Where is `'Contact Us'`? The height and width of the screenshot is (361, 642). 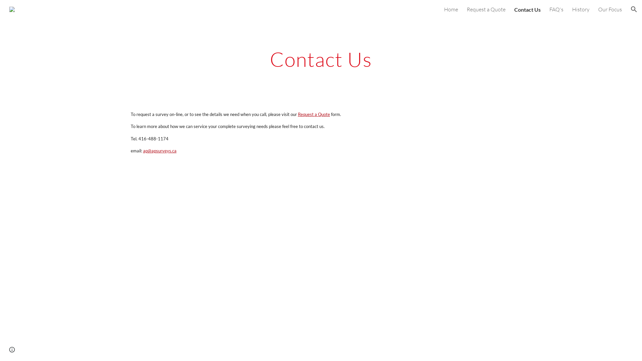 'Contact Us' is located at coordinates (527, 9).